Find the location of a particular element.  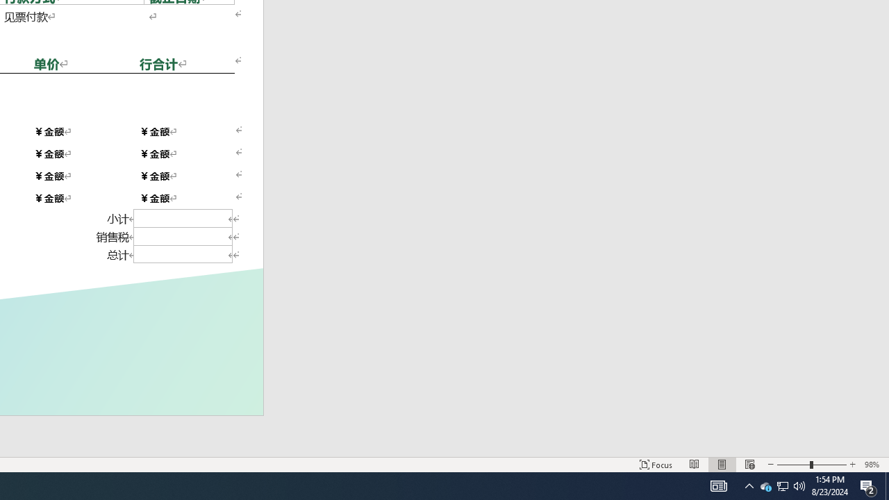

'Zoom 98%' is located at coordinates (873, 465).